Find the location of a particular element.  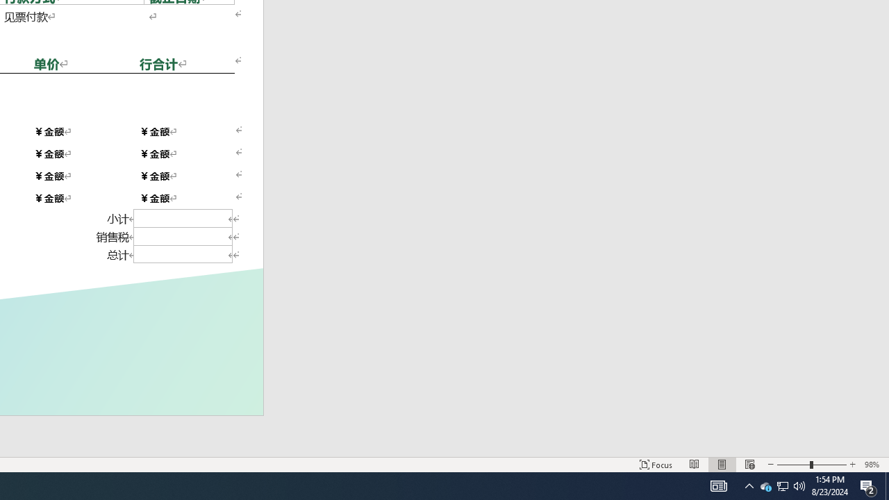

'Zoom 98%' is located at coordinates (873, 465).